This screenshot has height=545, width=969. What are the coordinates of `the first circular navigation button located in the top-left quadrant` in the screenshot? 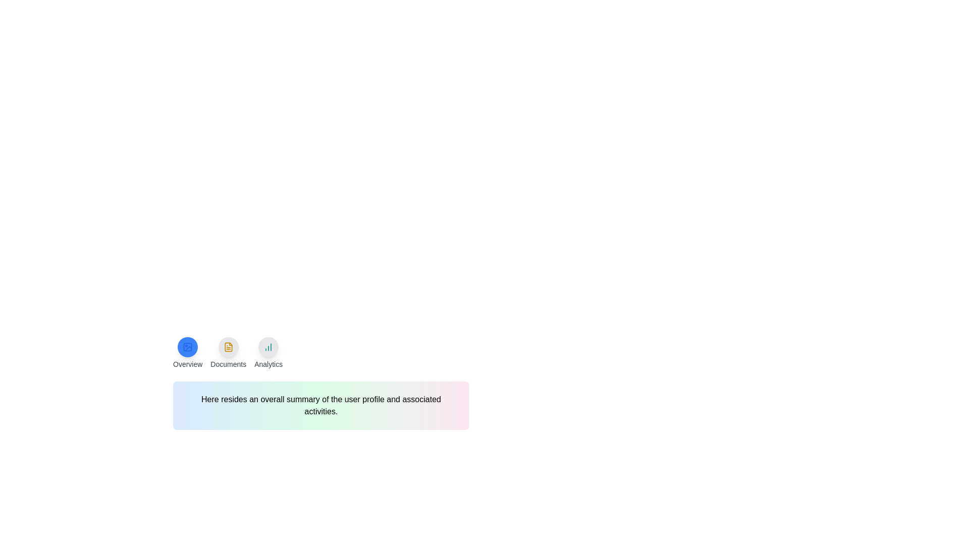 It's located at (188, 346).